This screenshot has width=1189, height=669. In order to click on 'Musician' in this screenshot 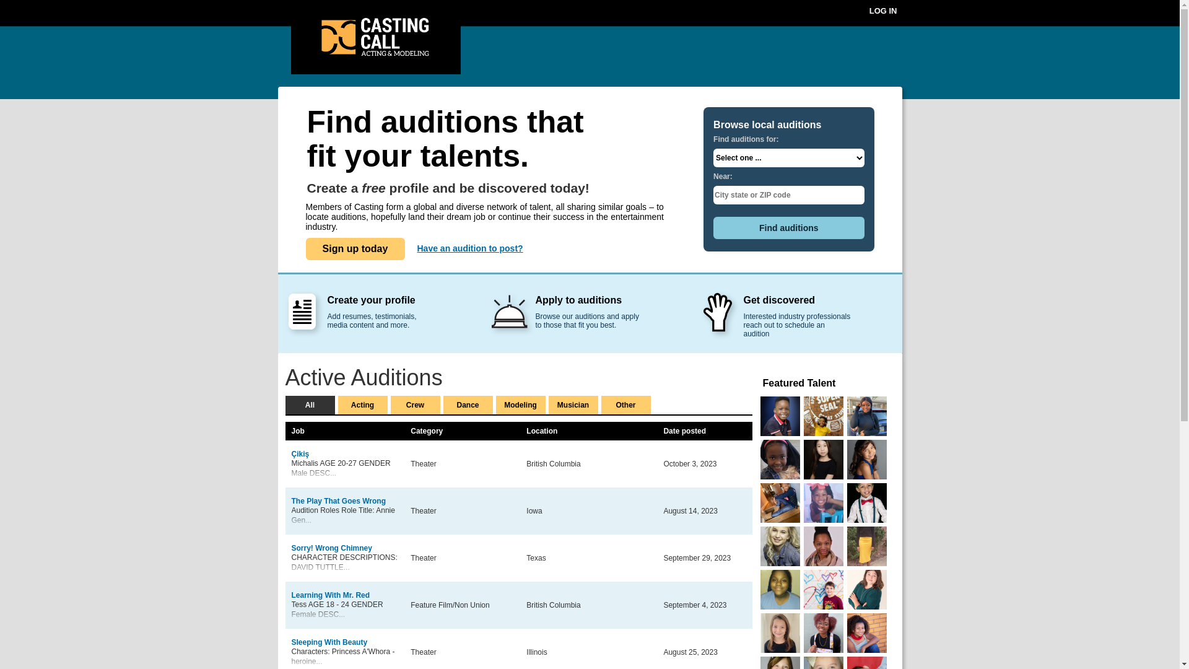, I will do `click(573, 405)`.